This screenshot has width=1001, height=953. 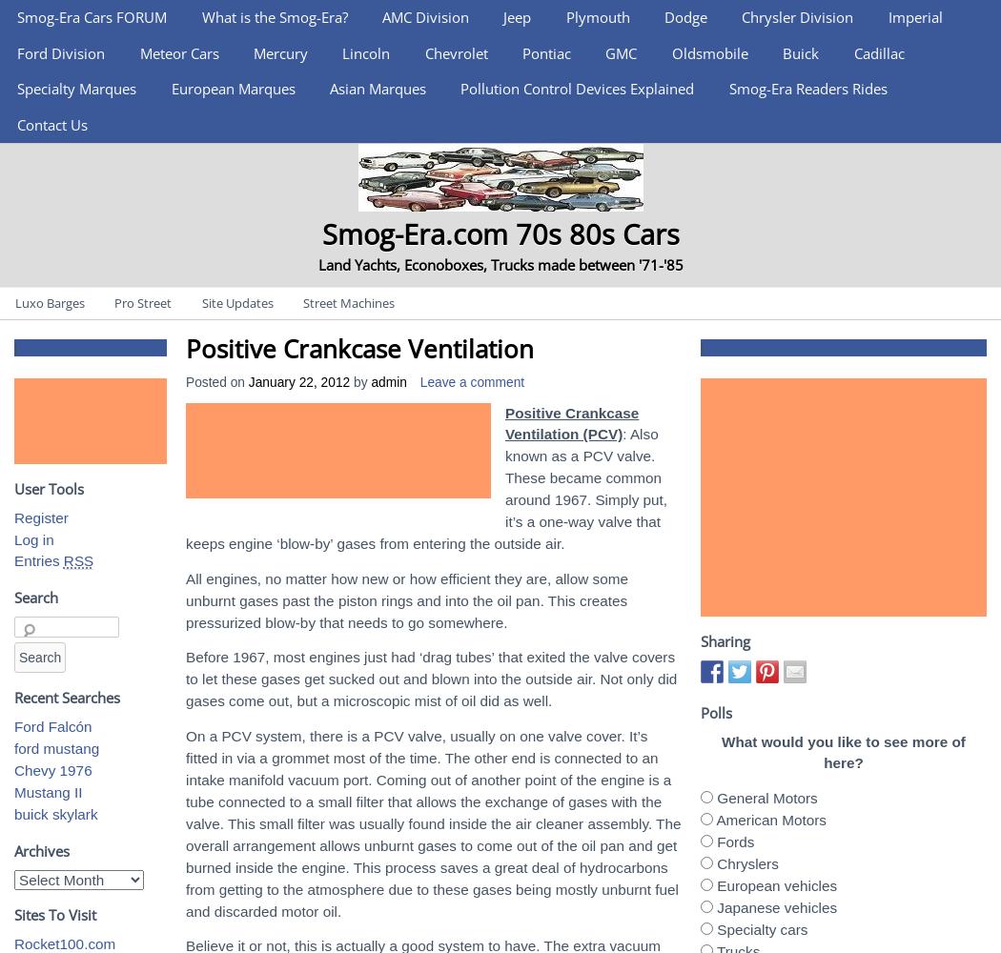 What do you see at coordinates (66, 697) in the screenshot?
I see `'Recent Searches'` at bounding box center [66, 697].